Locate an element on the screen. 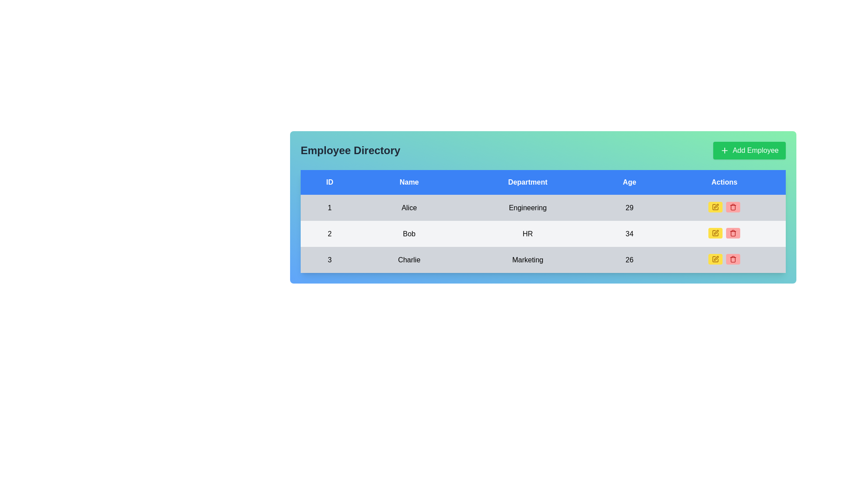 The image size is (849, 477). the table cell displaying the number '34' under the 'Age' column for the individual named 'Bob' is located at coordinates (629, 233).